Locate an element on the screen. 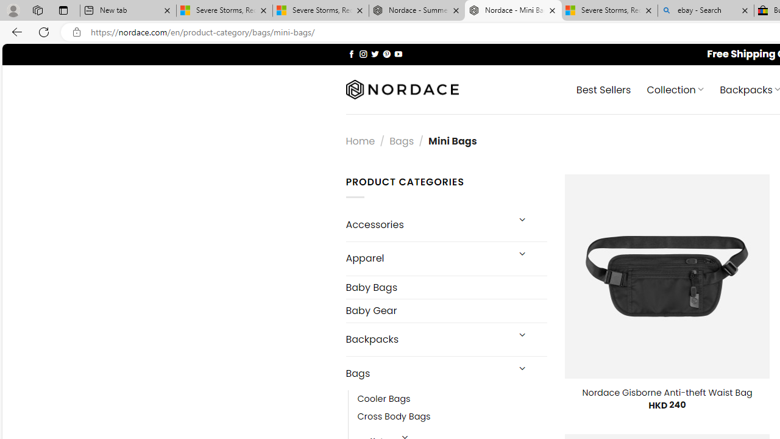 The width and height of the screenshot is (780, 439). 'Home' is located at coordinates (360, 140).